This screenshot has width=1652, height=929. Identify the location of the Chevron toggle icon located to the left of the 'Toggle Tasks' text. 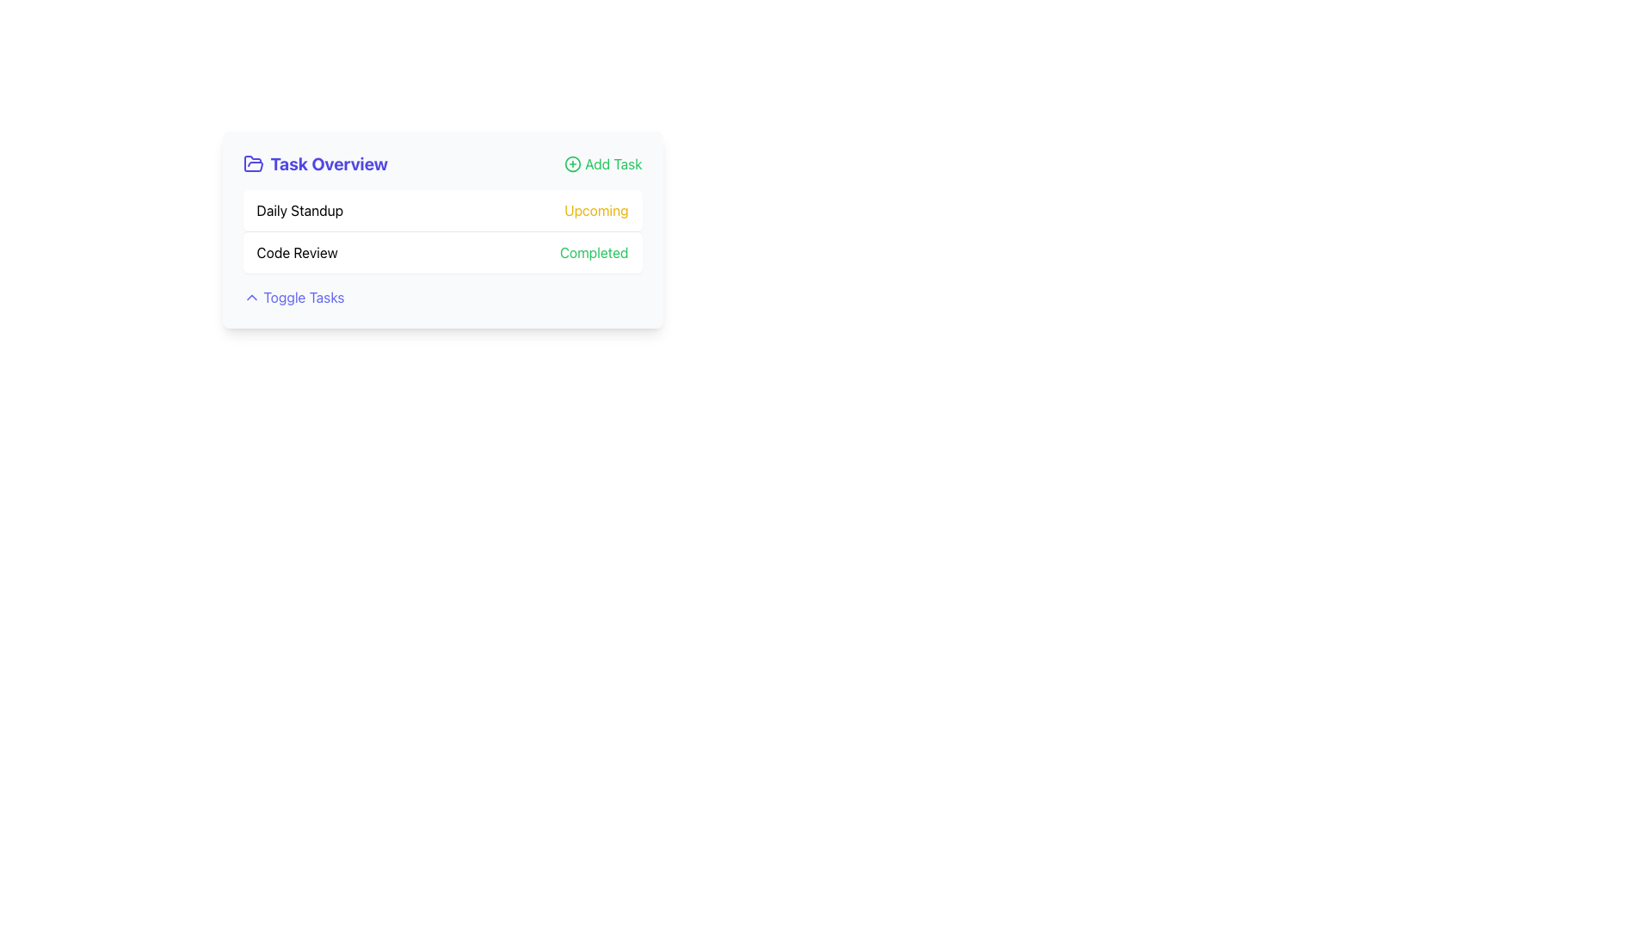
(250, 297).